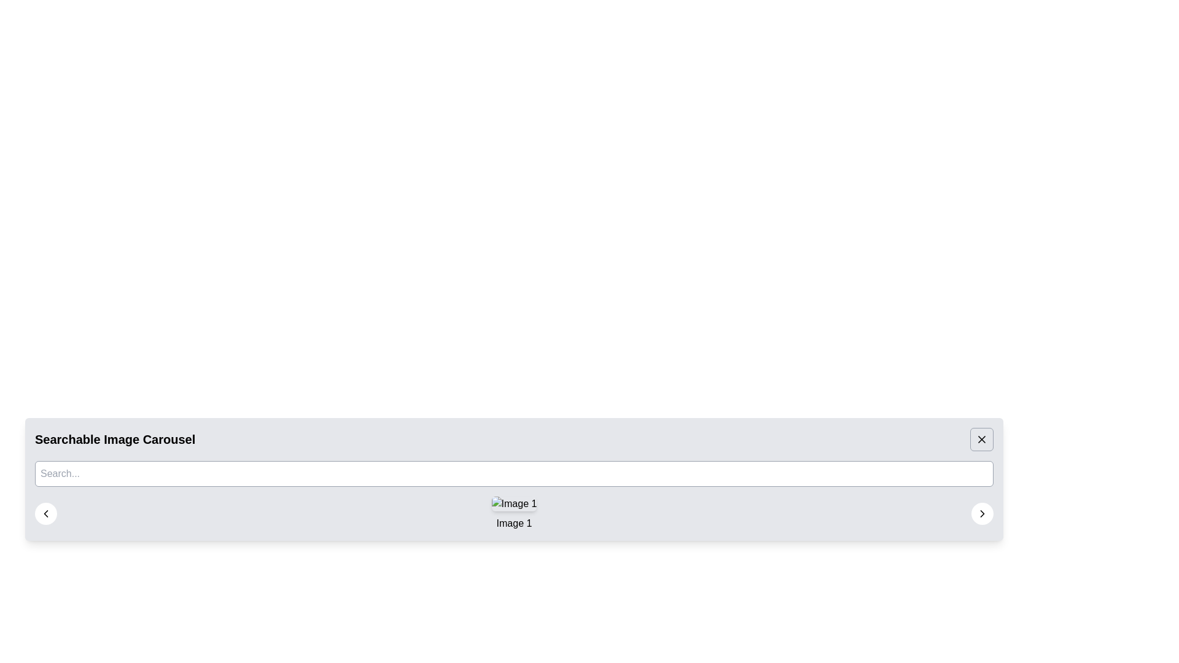 This screenshot has height=663, width=1179. What do you see at coordinates (981, 439) in the screenshot?
I see `the small, rounded rectangular button with a dark 'X' icon located in the top-right corner of the horizontal bar at the bottom of the interface` at bounding box center [981, 439].